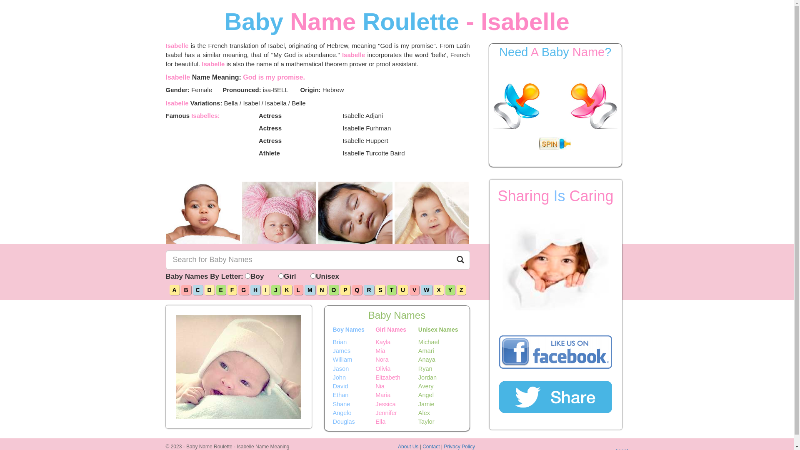  I want to click on 'Contact', so click(431, 446).